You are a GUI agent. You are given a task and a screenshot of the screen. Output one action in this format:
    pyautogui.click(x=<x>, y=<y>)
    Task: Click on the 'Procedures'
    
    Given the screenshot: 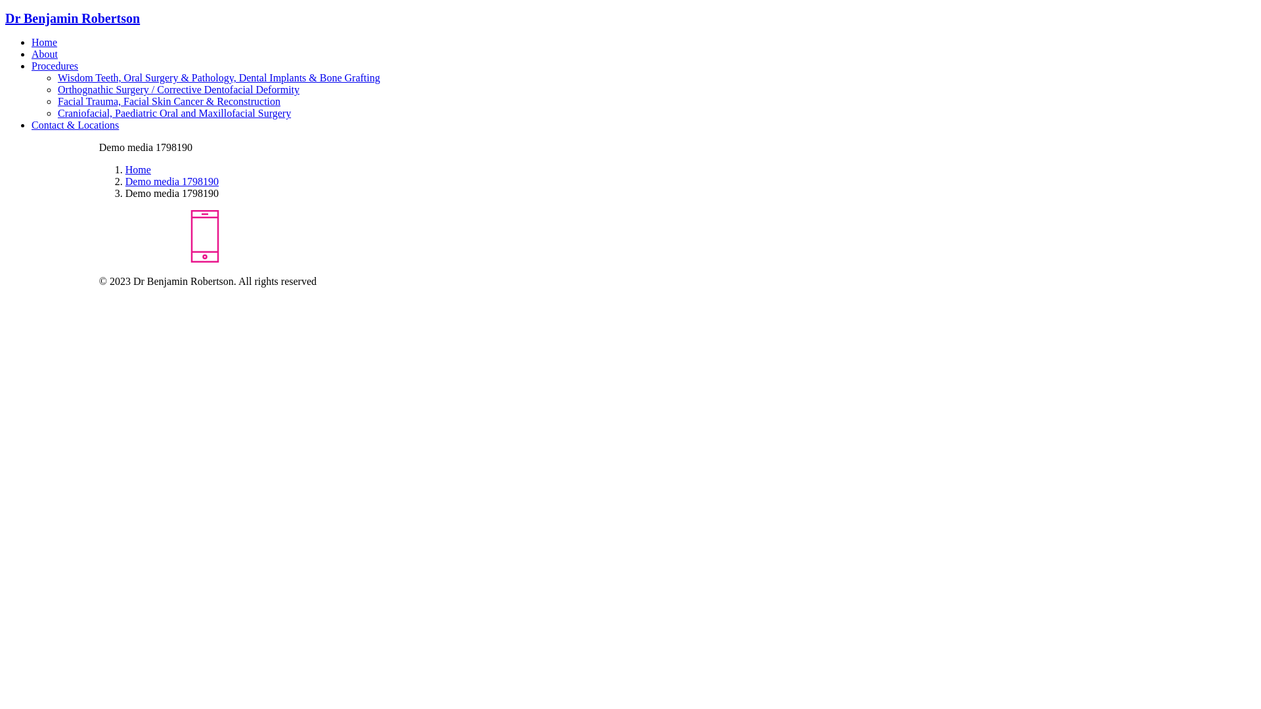 What is the action you would take?
    pyautogui.click(x=54, y=66)
    